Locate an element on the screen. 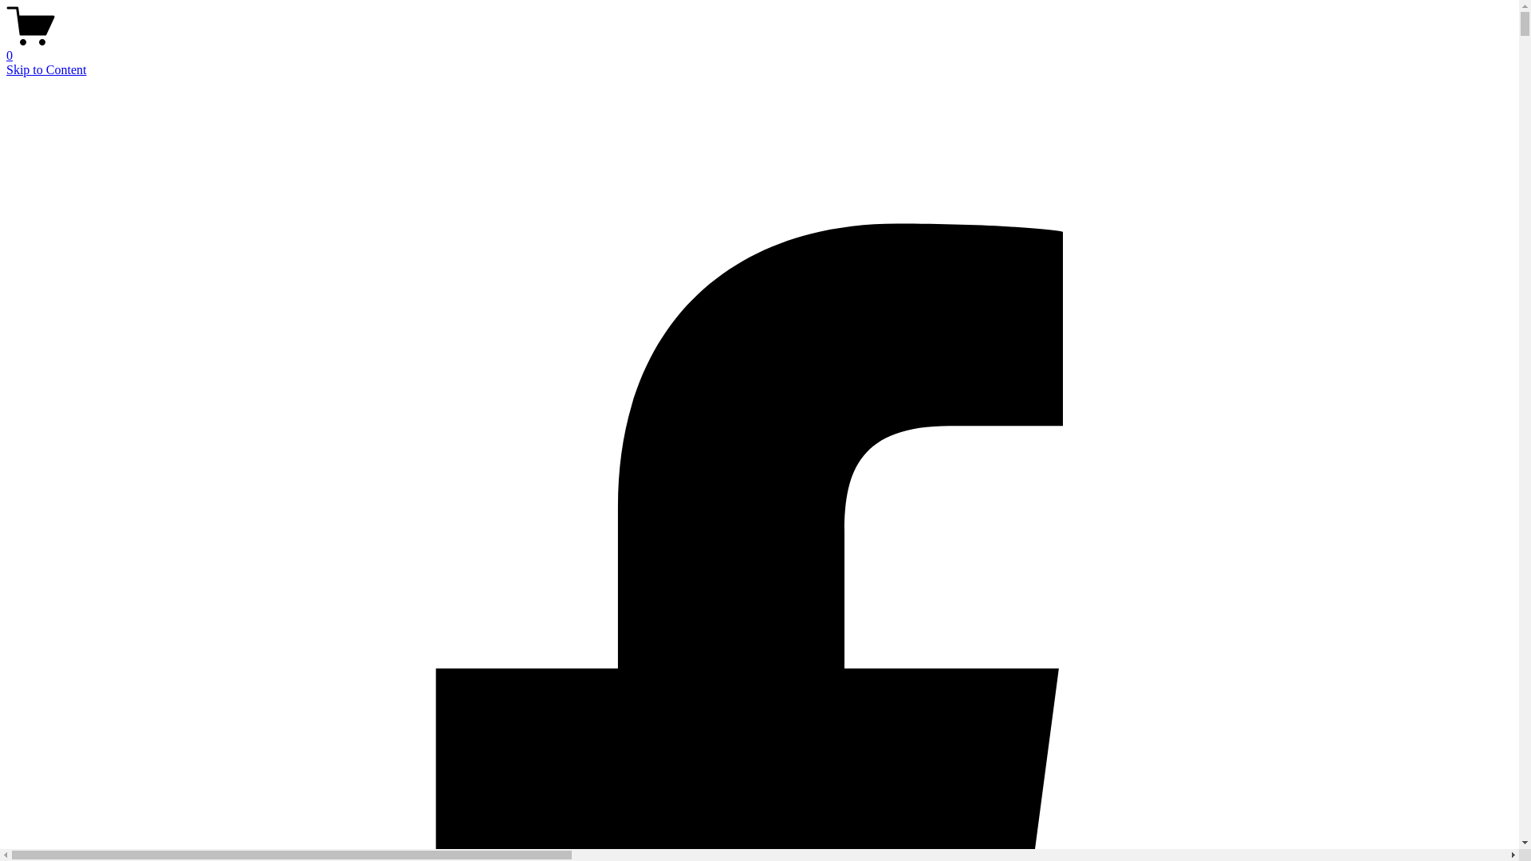 The width and height of the screenshot is (1531, 861). 'Skip to Content' is located at coordinates (45, 69).